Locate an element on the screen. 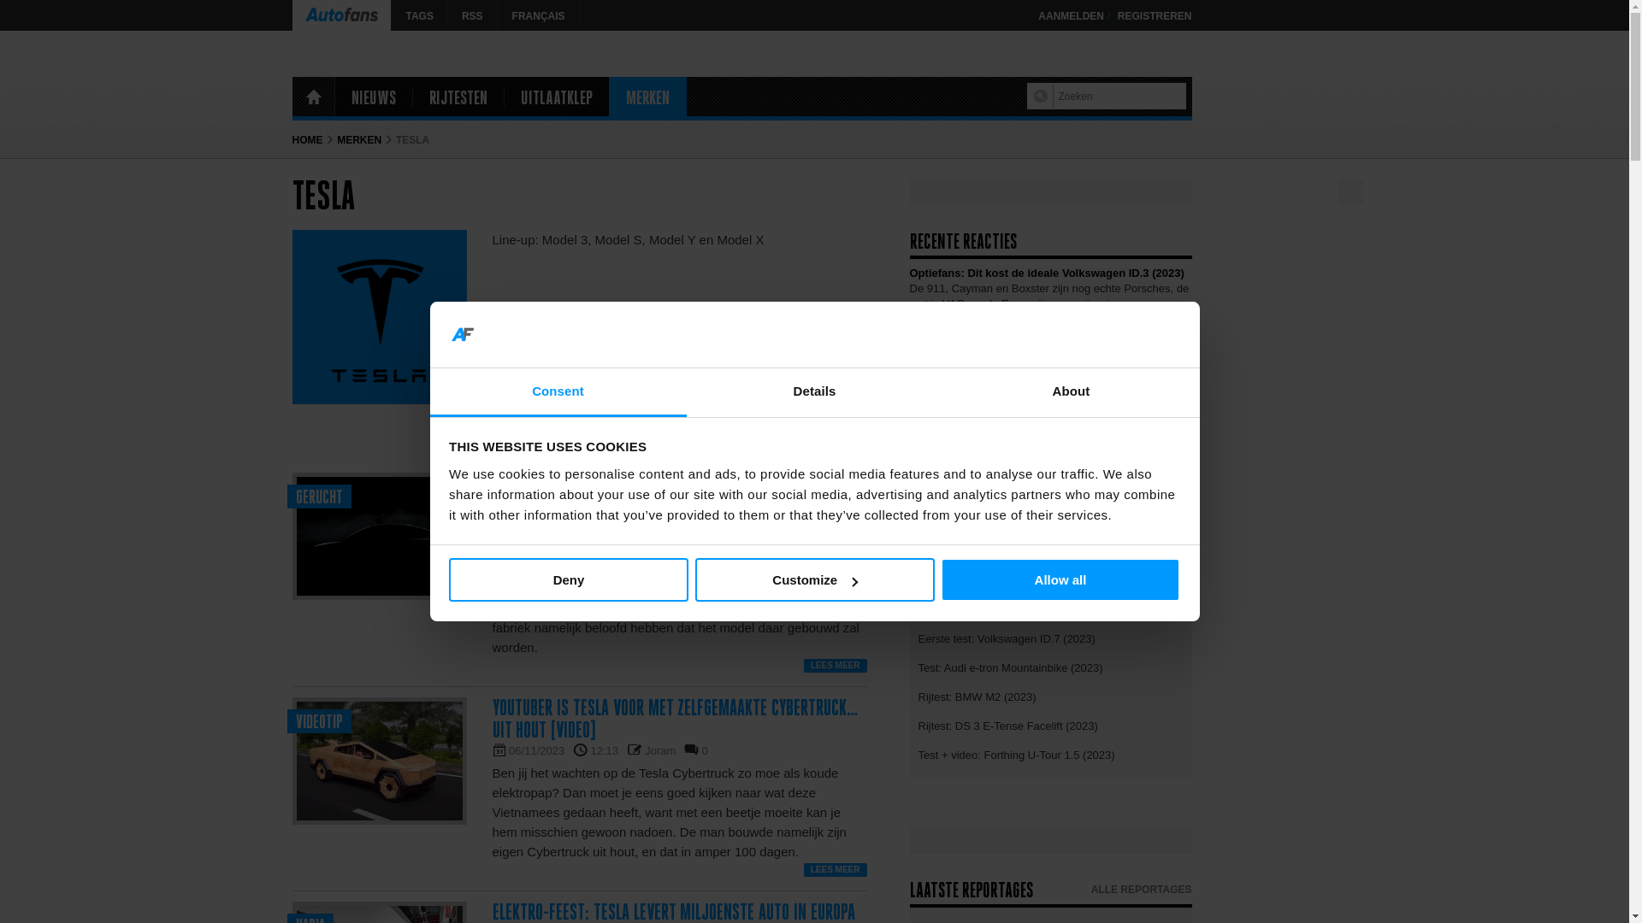 The height and width of the screenshot is (923, 1642). 'Optiefans: Dit kost de ideale Volkswagen ID.3 (2023)' is located at coordinates (1046, 272).